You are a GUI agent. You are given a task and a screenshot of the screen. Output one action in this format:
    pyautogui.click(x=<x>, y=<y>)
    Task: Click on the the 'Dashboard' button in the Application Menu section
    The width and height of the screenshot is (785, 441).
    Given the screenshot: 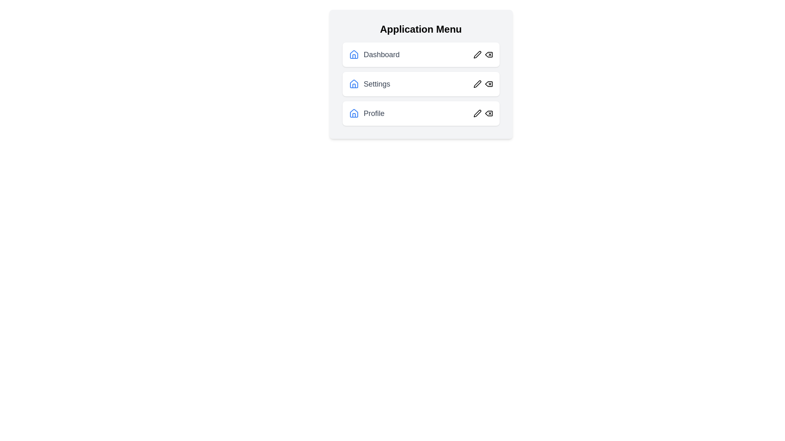 What is the action you would take?
    pyautogui.click(x=421, y=55)
    